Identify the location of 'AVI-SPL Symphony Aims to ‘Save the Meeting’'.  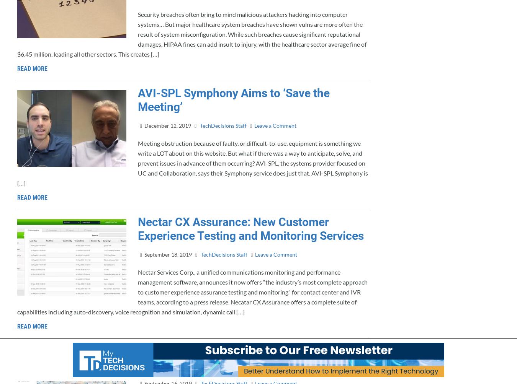
(234, 100).